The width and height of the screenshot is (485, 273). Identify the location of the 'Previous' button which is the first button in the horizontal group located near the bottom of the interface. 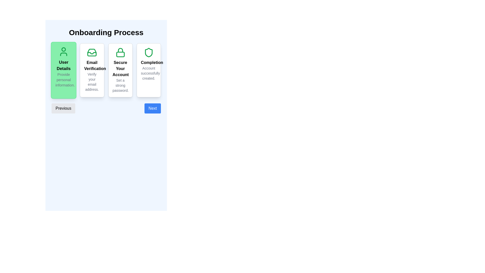
(63, 108).